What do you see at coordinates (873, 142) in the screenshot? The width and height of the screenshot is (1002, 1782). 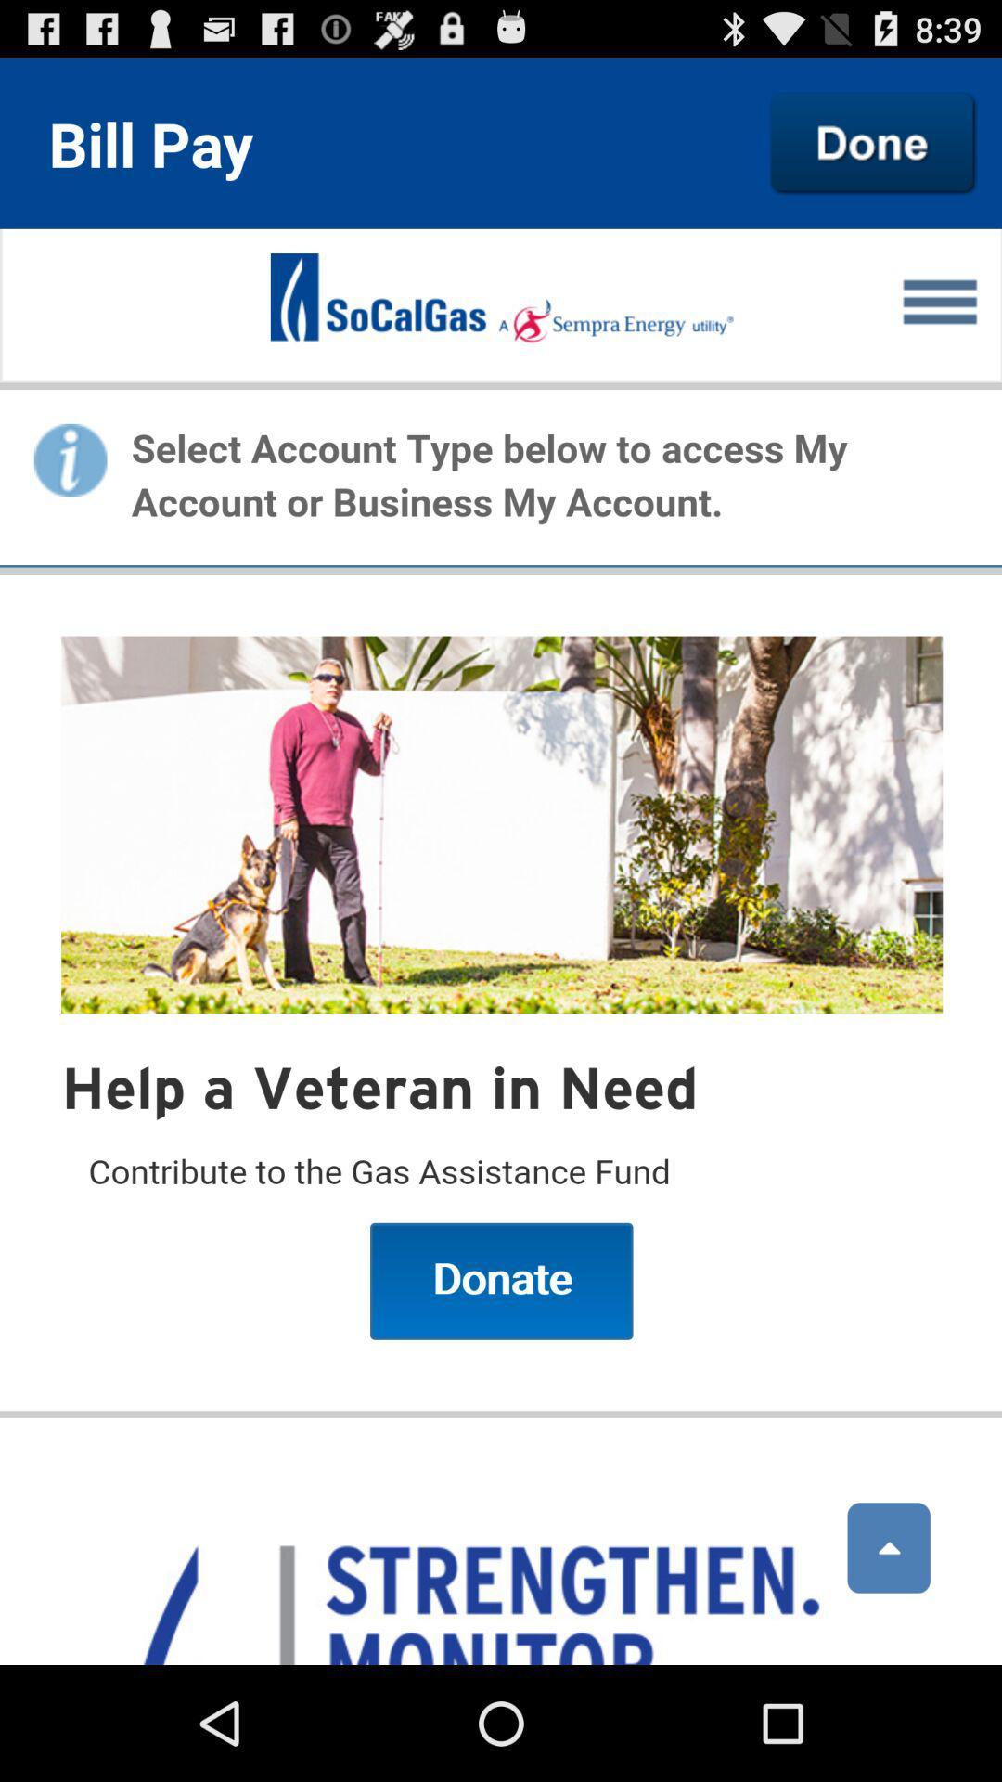 I see `finish the task` at bounding box center [873, 142].